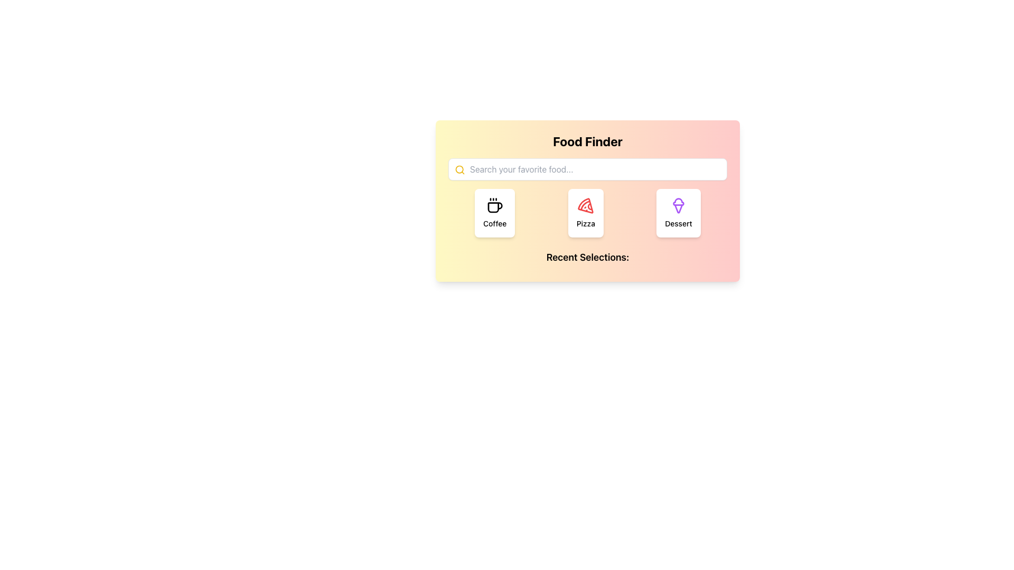 Image resolution: width=1014 pixels, height=570 pixels. I want to click on the 'Dessert' button, which is a rounded rectangular card with an ice cream cone icon in purple and the text 'Dessert' below it, located to the far-right of the buttons labeled 'Coffee' and 'Pizza', so click(679, 213).